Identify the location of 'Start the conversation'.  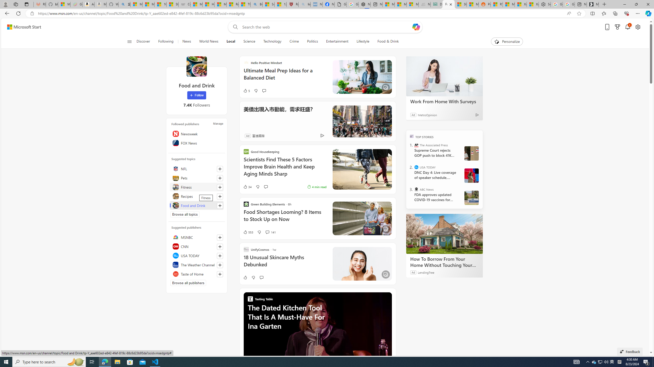
(261, 277).